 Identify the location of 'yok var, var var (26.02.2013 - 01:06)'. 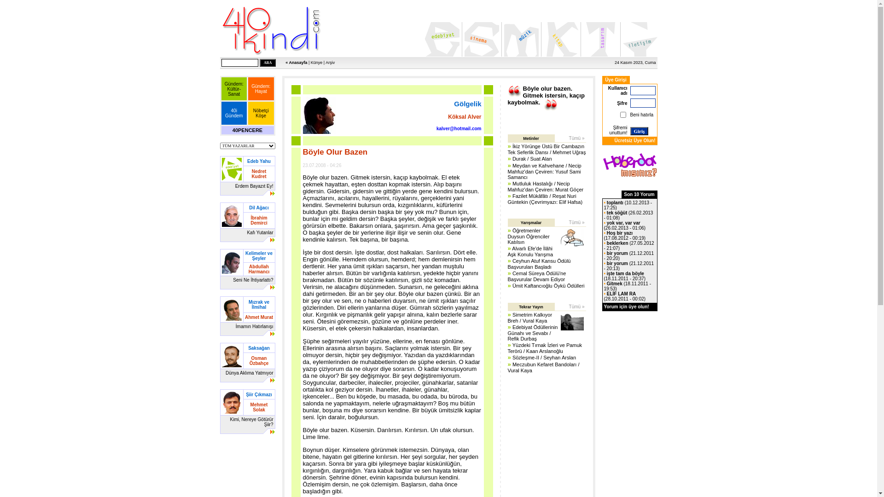
(604, 225).